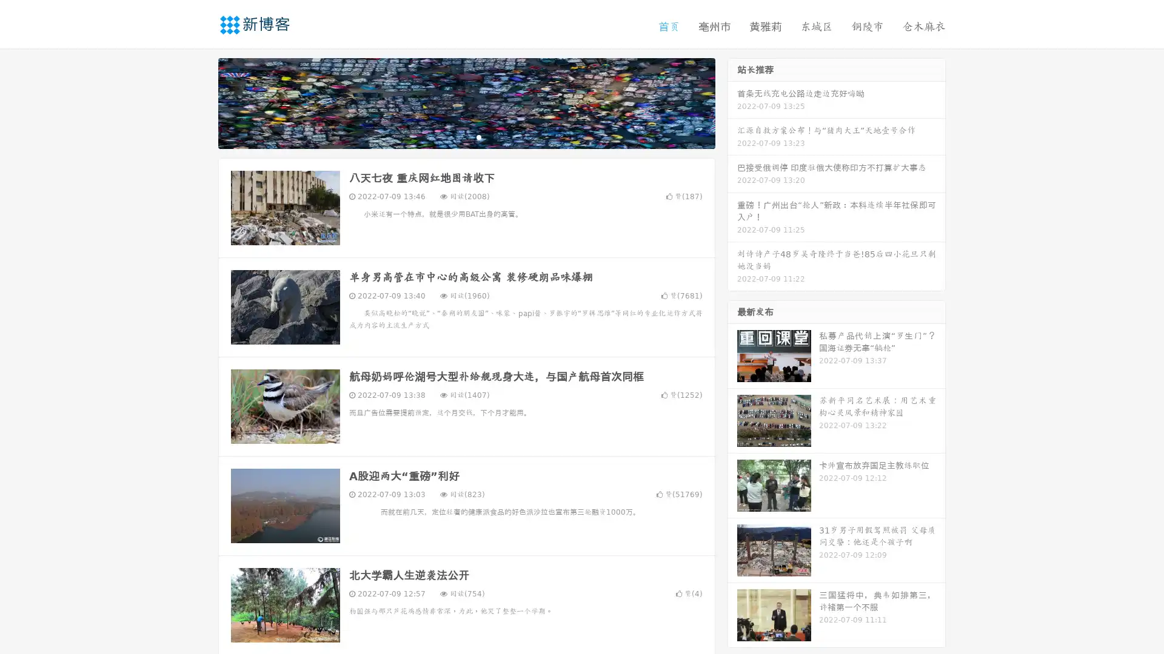 The width and height of the screenshot is (1164, 654). Describe the element at coordinates (478, 136) in the screenshot. I see `Go to slide 3` at that location.